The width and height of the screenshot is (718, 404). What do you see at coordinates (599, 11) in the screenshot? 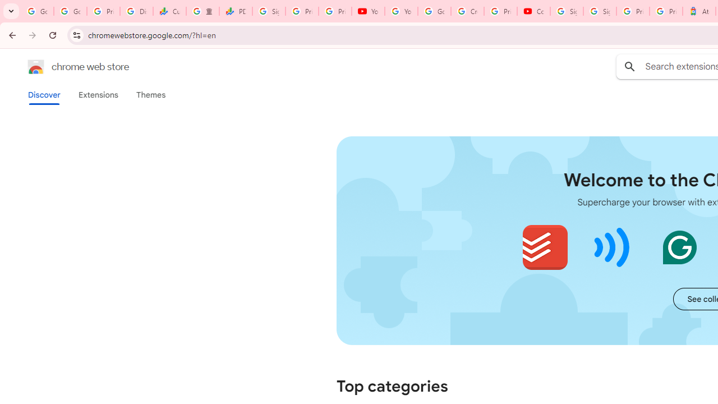
I see `'Sign in - Google Accounts'` at bounding box center [599, 11].